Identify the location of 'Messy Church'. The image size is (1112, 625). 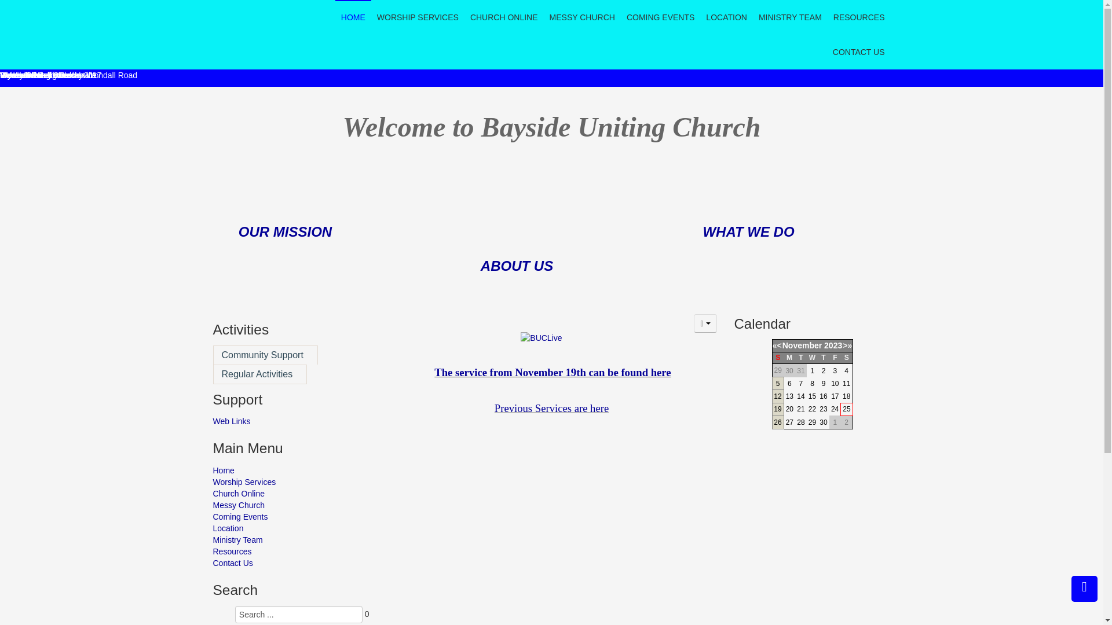
(291, 504).